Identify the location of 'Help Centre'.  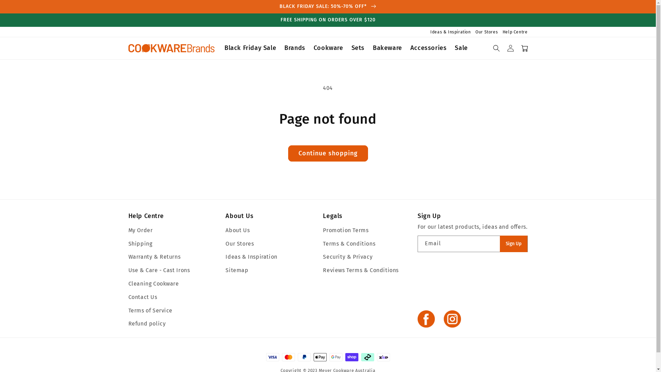
(175, 216).